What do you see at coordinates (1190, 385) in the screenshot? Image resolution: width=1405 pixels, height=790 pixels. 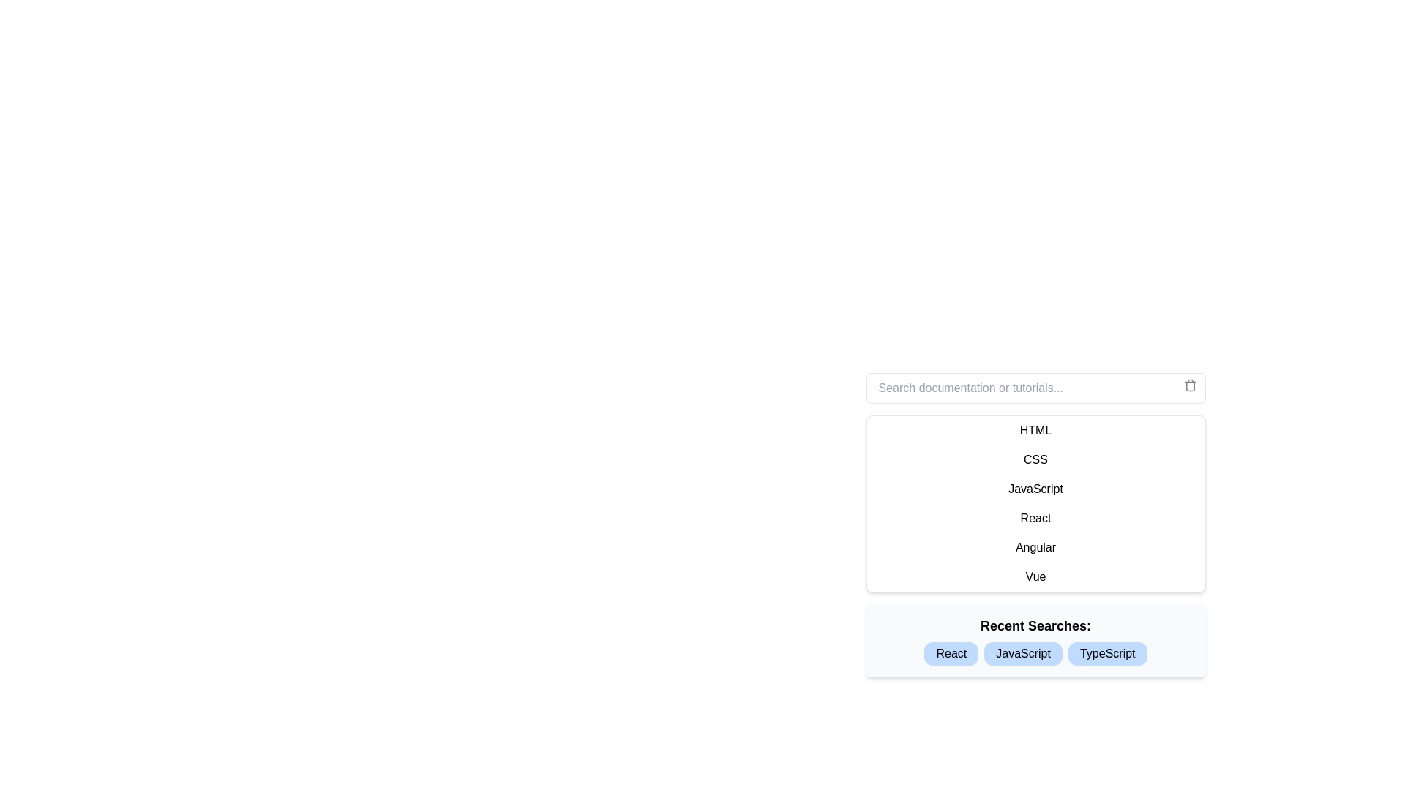 I see `the clear icon button located at the top-right corner of the input field` at bounding box center [1190, 385].